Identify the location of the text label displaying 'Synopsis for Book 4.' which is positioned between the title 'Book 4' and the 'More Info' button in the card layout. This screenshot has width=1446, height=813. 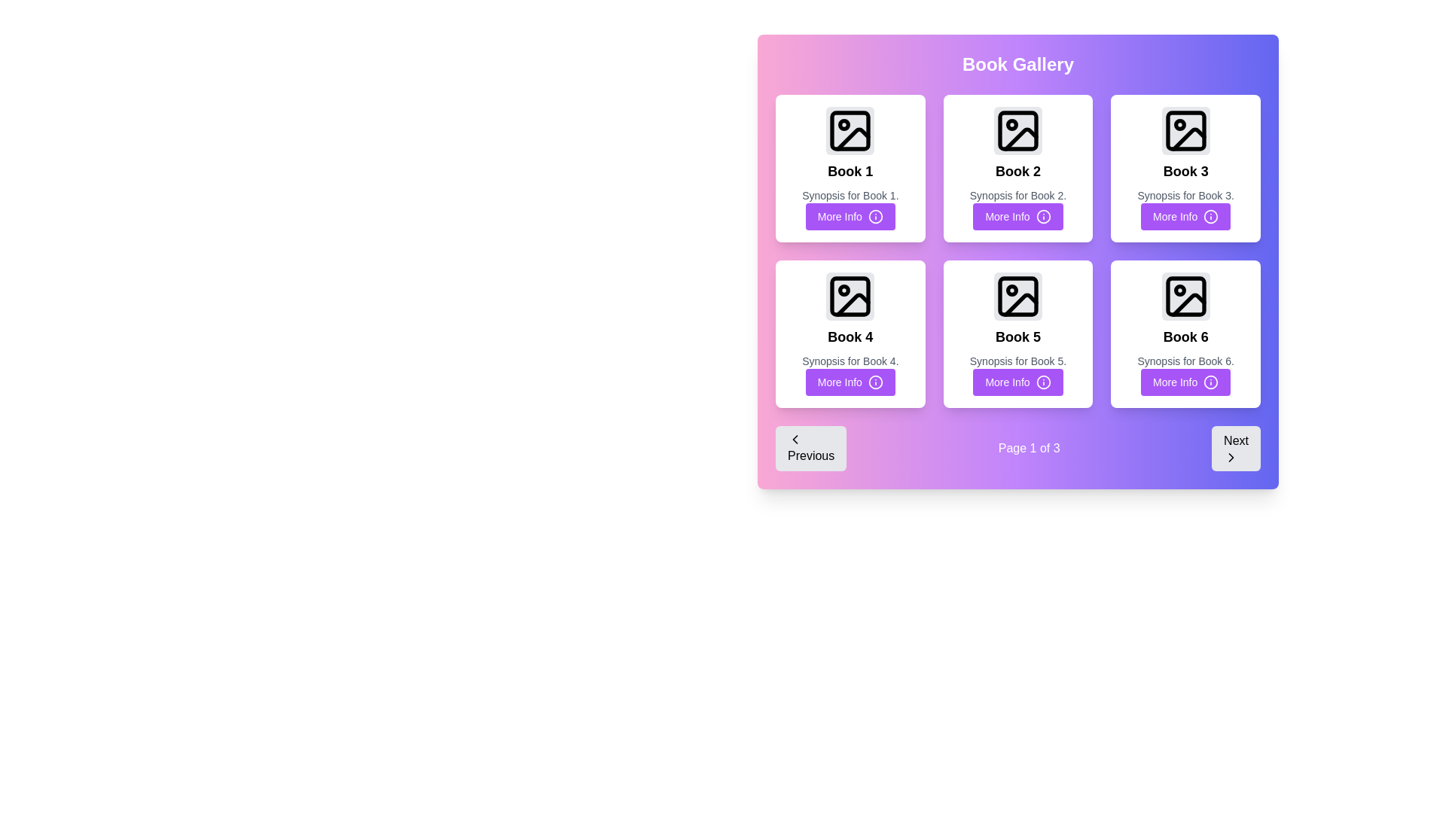
(850, 361).